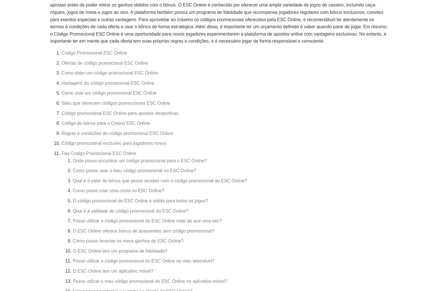 Image resolution: width=438 pixels, height=291 pixels. Describe the element at coordinates (105, 123) in the screenshot. I see `'Código de bónus para o Casino ESC Online'` at that location.